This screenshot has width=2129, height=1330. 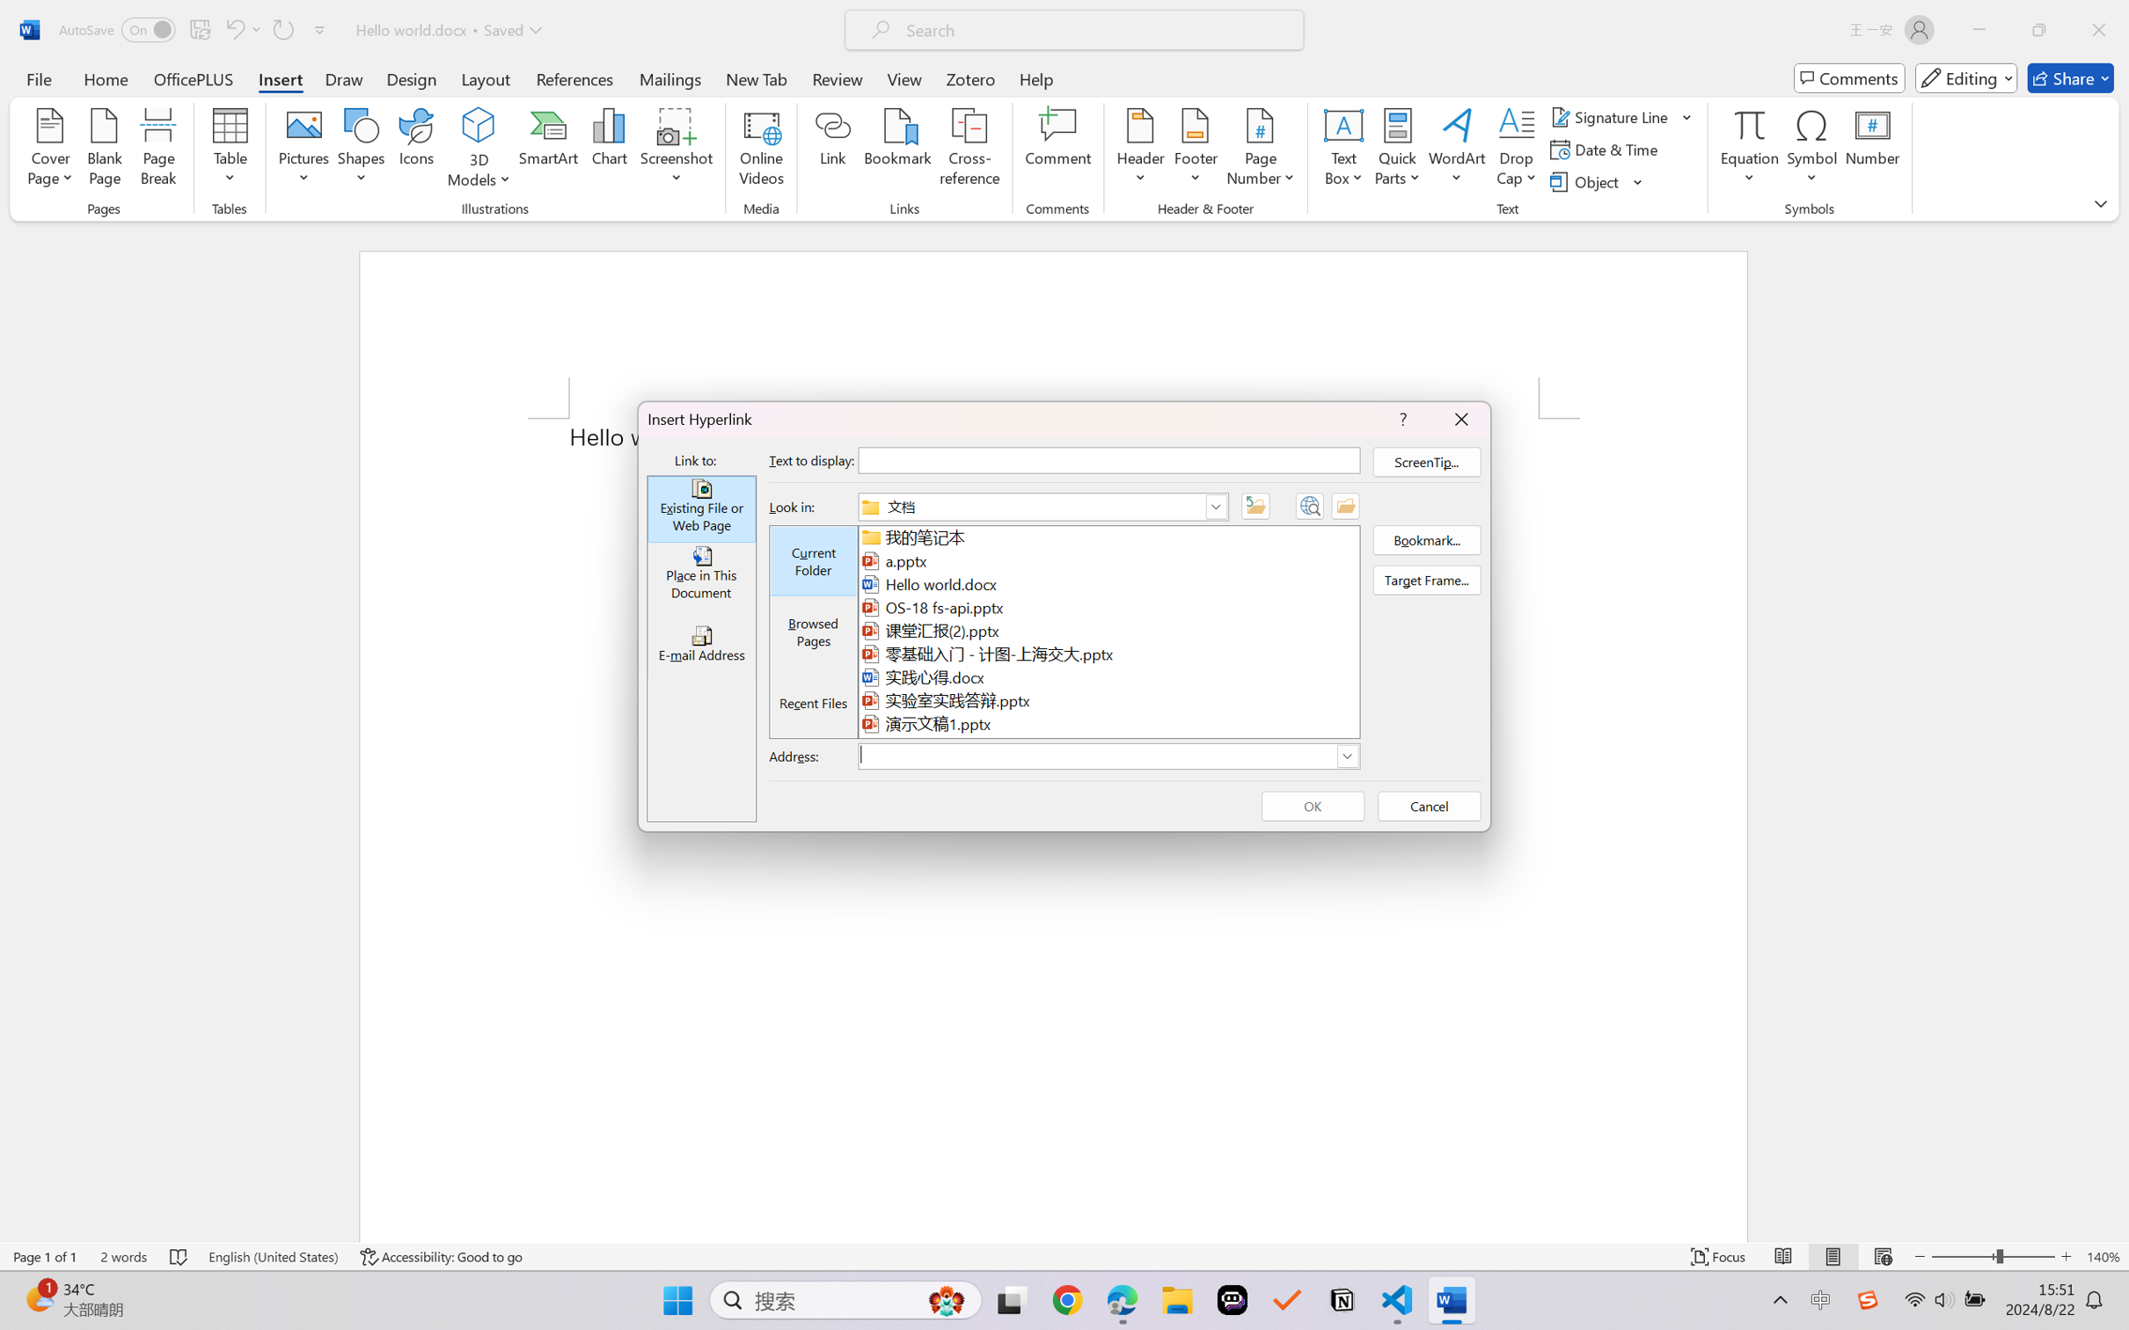 What do you see at coordinates (195, 29) in the screenshot?
I see `'Quick Access Toolbar'` at bounding box center [195, 29].